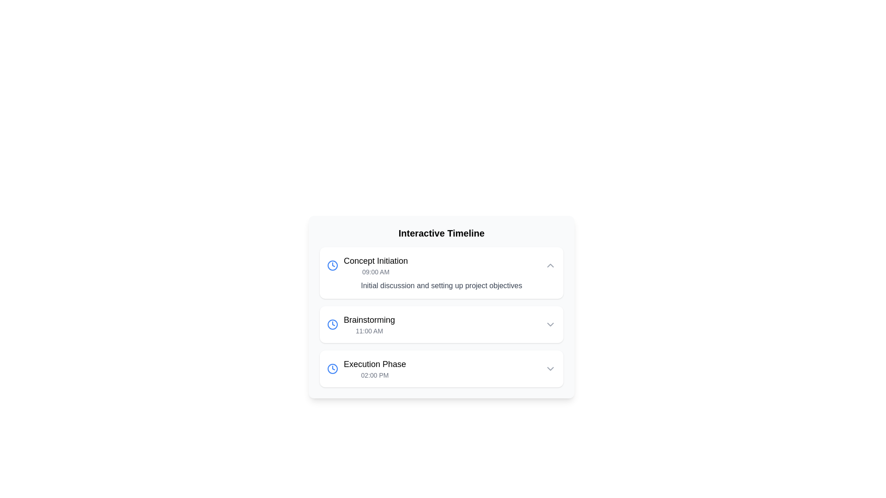  Describe the element at coordinates (369, 330) in the screenshot. I see `the text display showing '11:00 AM' located beneath the 'Brainstorming' title in the second event card on the timeline` at that location.